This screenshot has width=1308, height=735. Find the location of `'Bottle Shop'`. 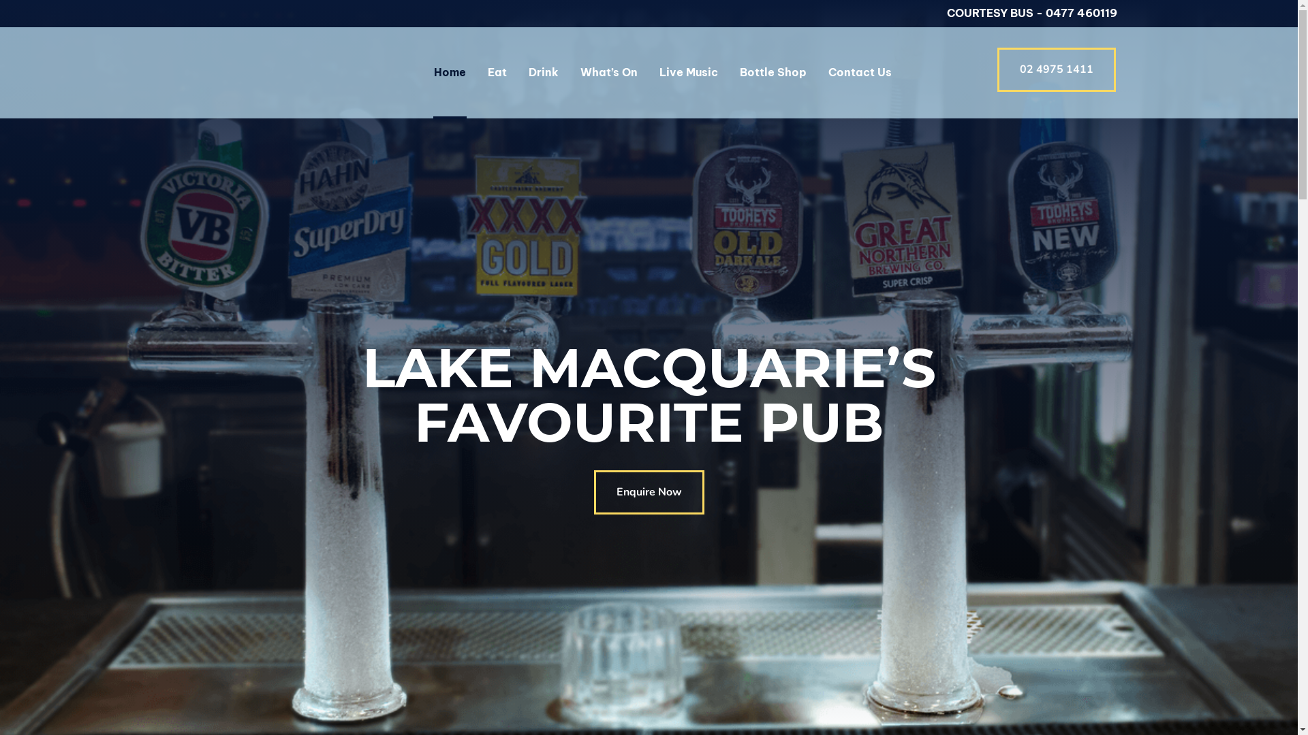

'Bottle Shop' is located at coordinates (738, 71).